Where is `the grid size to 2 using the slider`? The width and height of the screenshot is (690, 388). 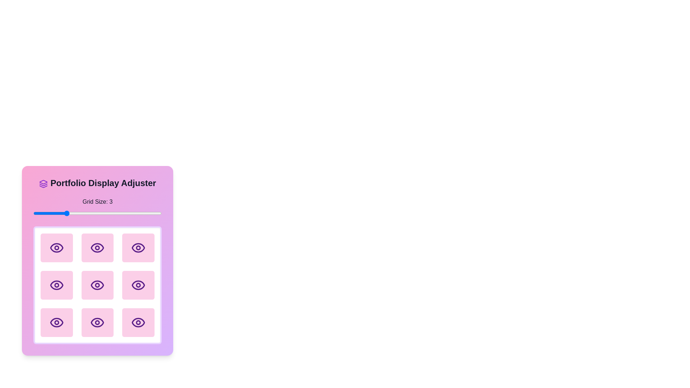 the grid size to 2 using the slider is located at coordinates (33, 213).